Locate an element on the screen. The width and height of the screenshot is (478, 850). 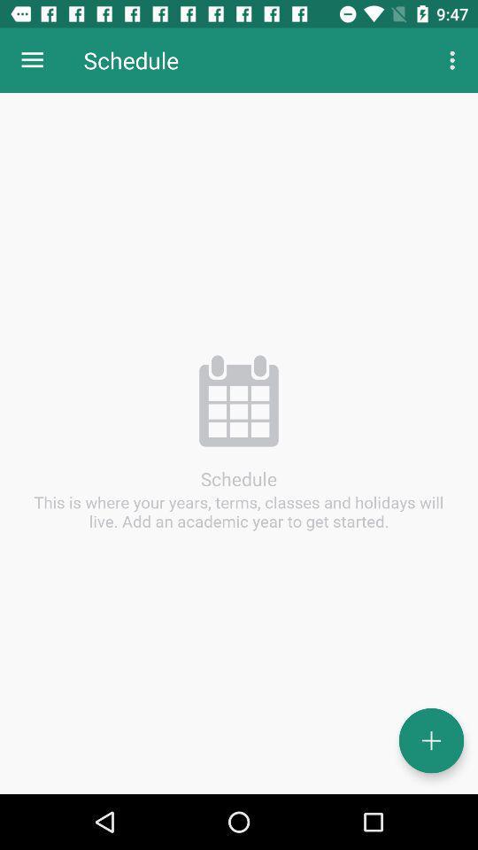
year is located at coordinates (430, 740).